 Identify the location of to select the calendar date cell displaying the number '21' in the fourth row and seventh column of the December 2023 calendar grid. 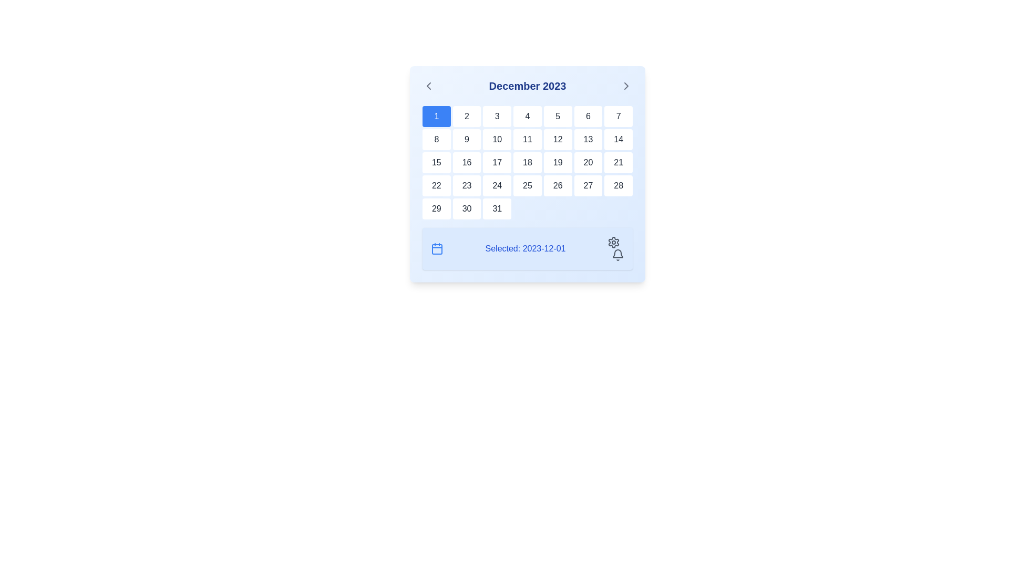
(619, 162).